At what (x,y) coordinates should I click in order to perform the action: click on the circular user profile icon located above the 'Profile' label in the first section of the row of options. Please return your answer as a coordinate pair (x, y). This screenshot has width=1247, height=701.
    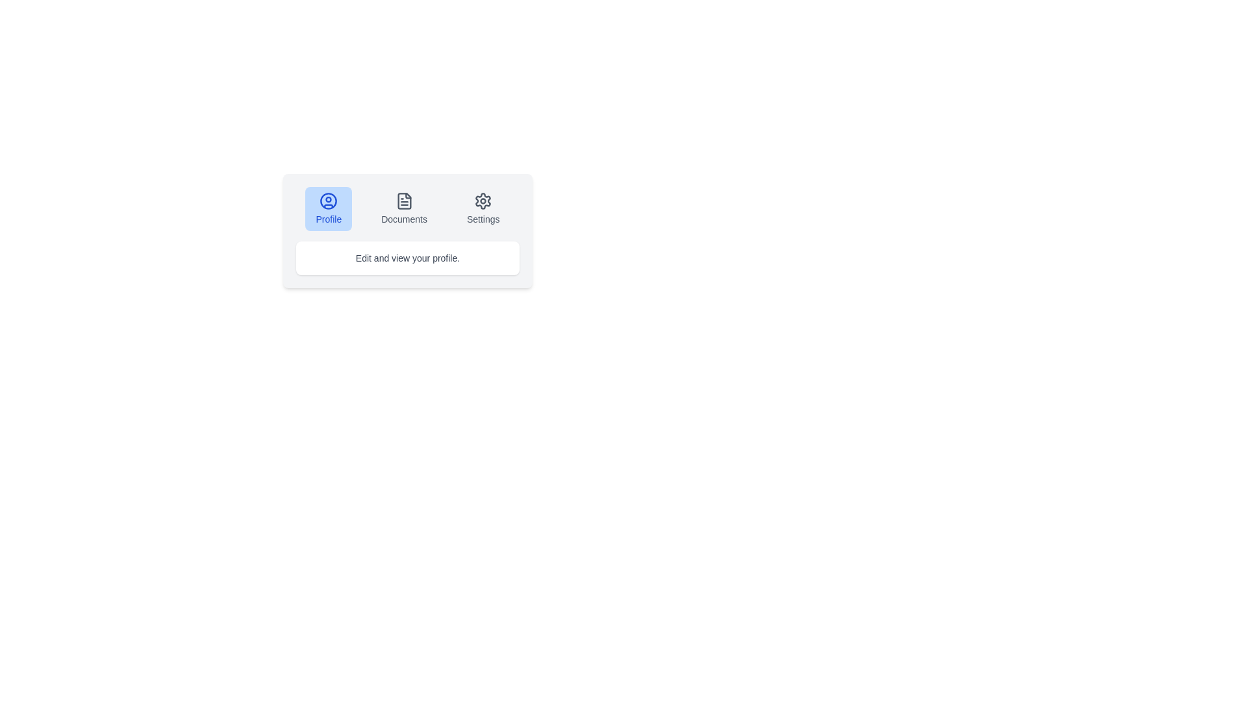
    Looking at the image, I should click on (329, 201).